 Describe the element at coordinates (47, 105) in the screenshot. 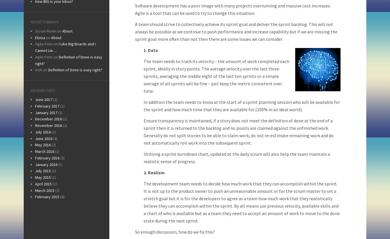

I see `'February 2017'` at that location.